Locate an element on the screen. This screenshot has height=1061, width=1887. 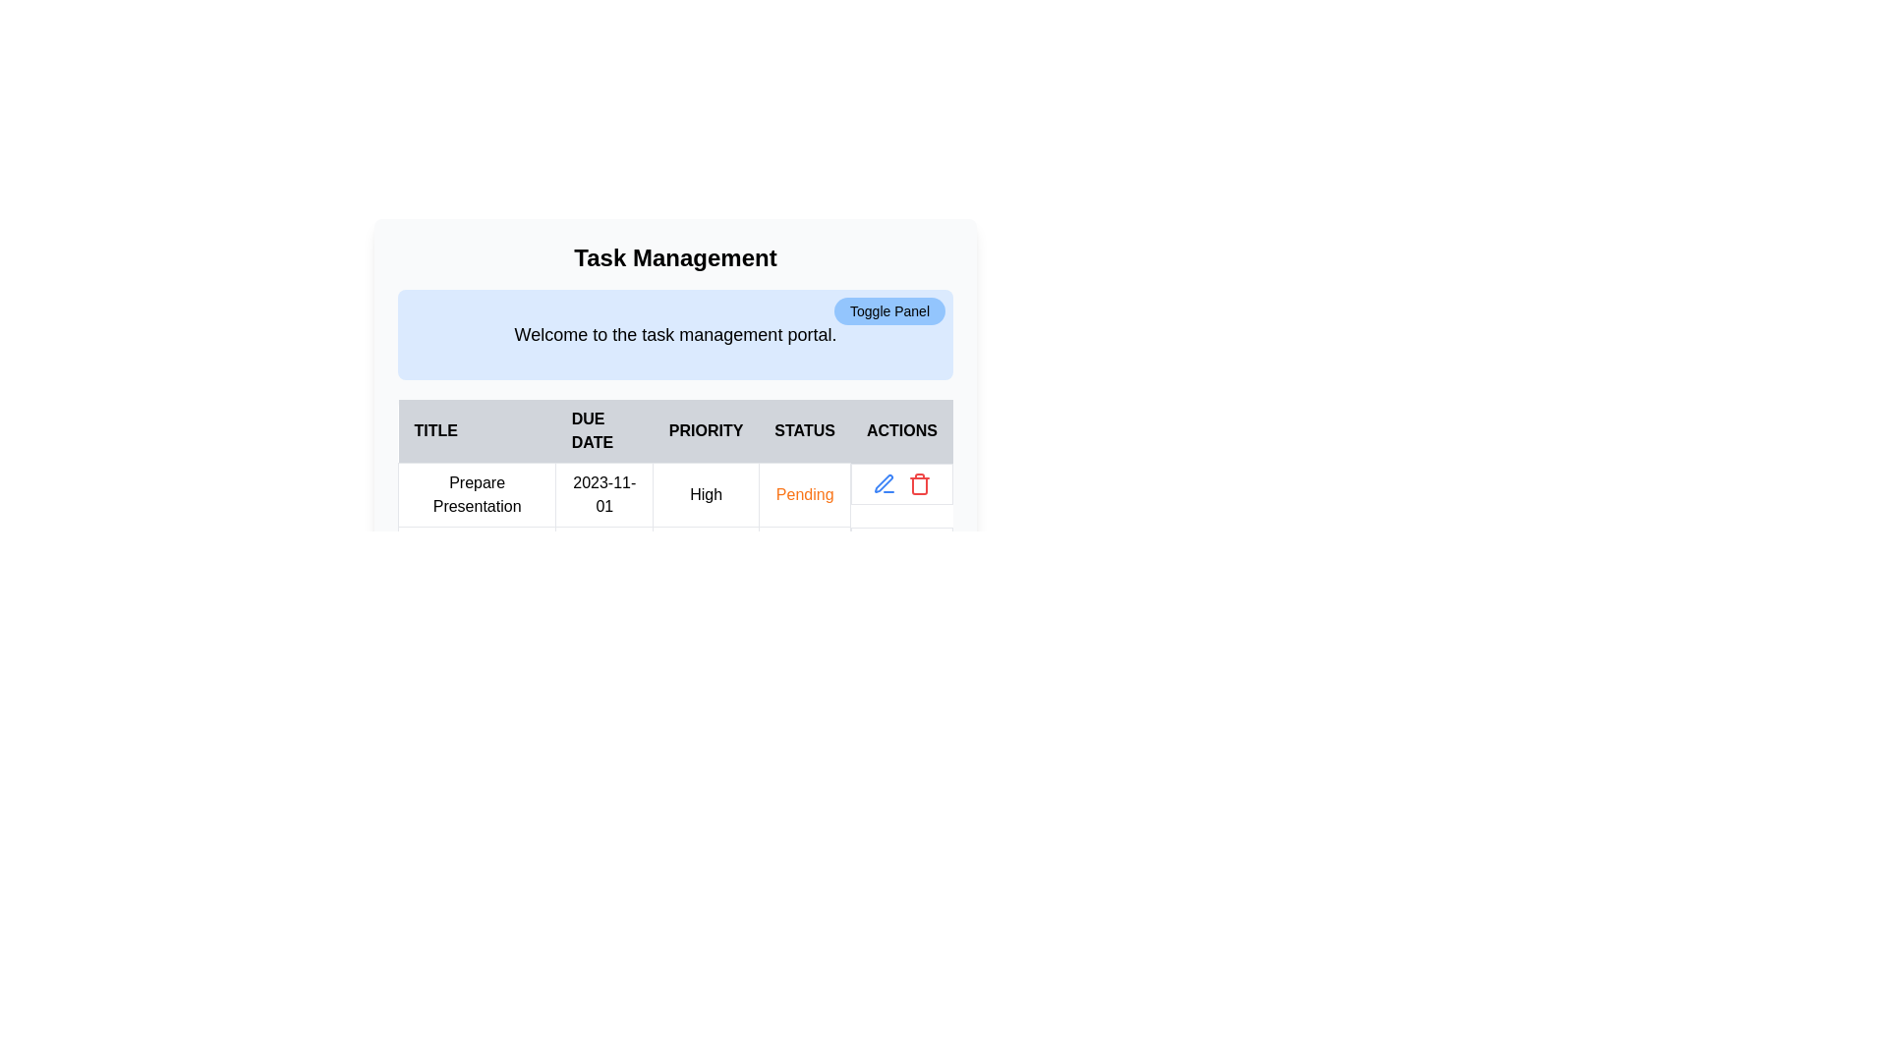
the 'PRIORITY' column header in the table to sort the entries, as sorting is enabled is located at coordinates (675, 430).